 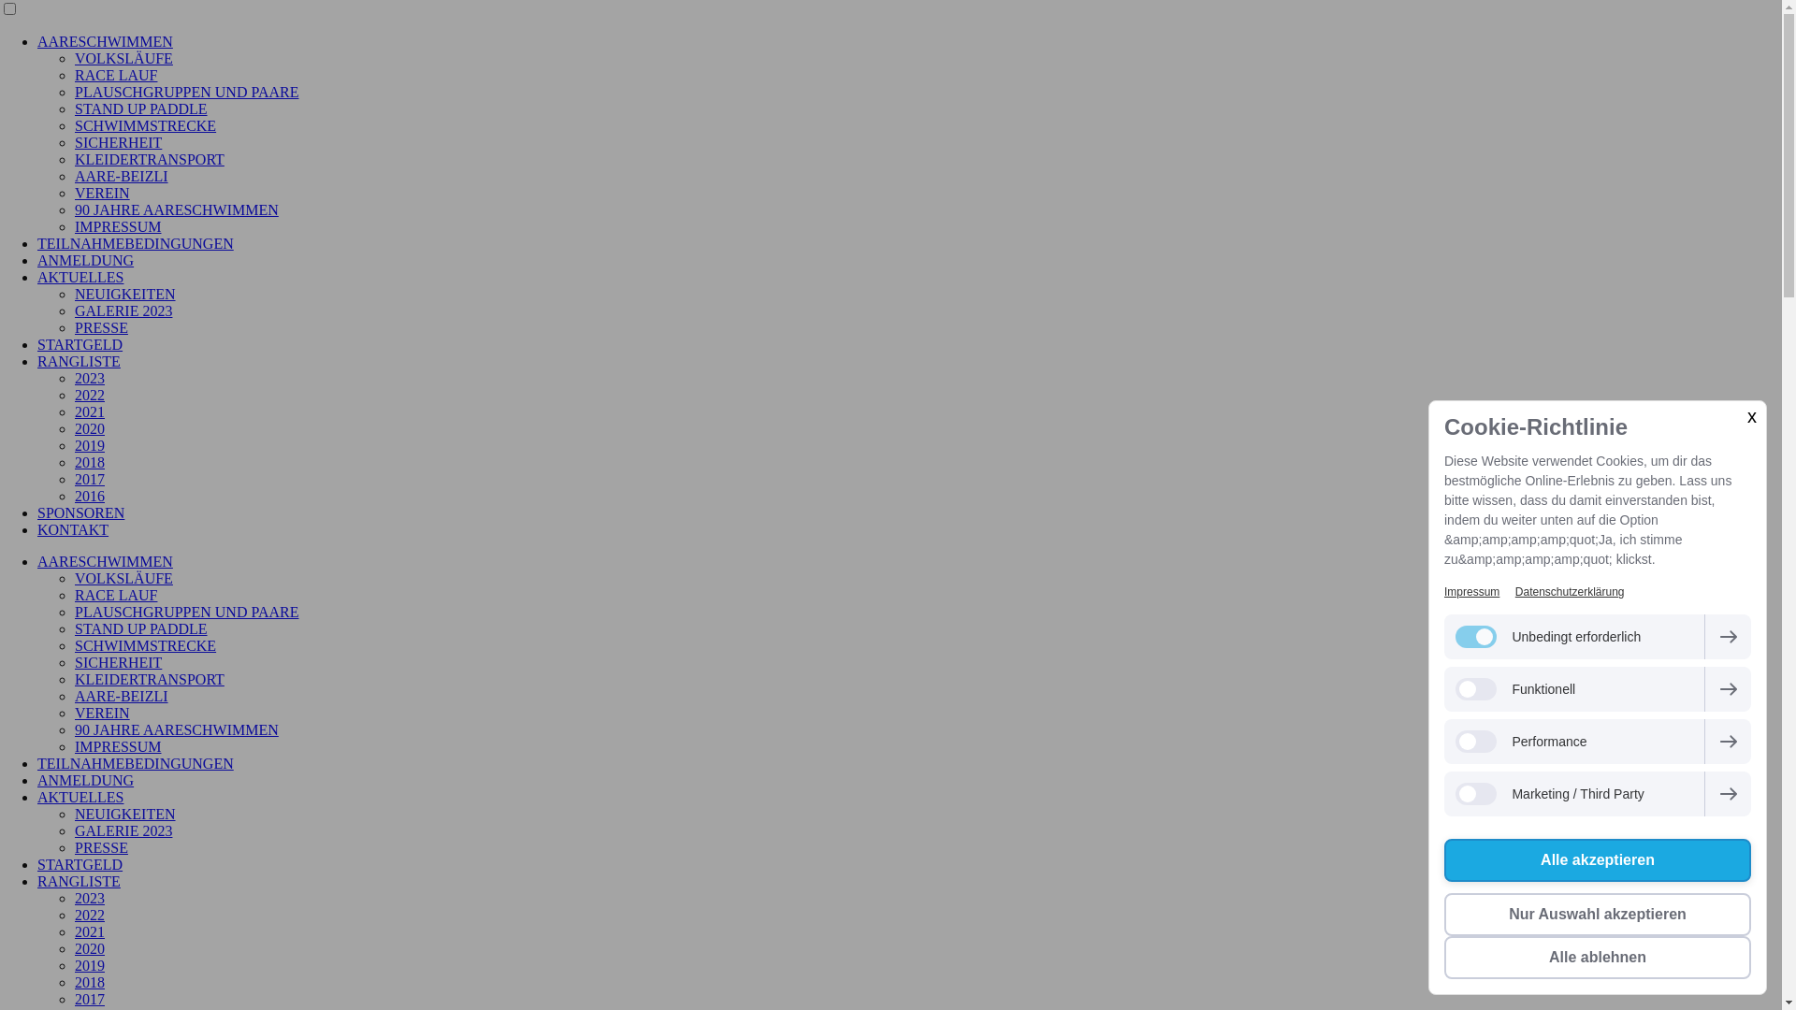 What do you see at coordinates (80, 277) in the screenshot?
I see `'AKTUELLES'` at bounding box center [80, 277].